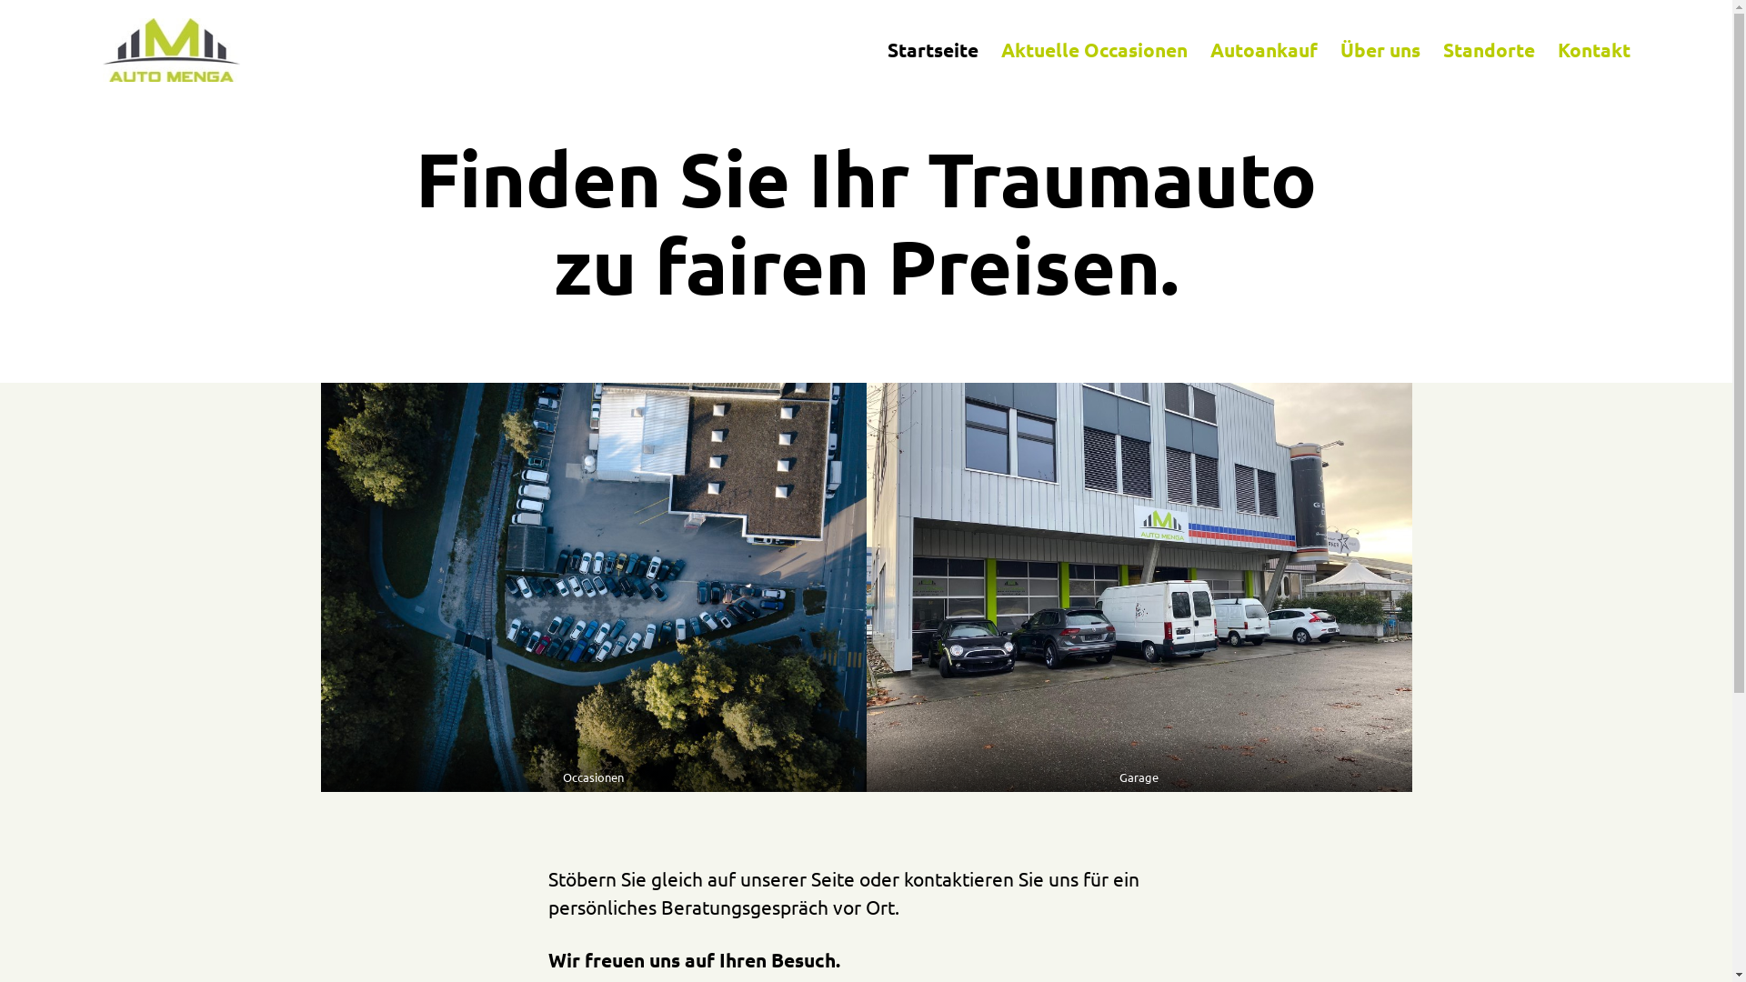 This screenshot has width=1746, height=982. I want to click on 'Standorte', so click(1488, 48).